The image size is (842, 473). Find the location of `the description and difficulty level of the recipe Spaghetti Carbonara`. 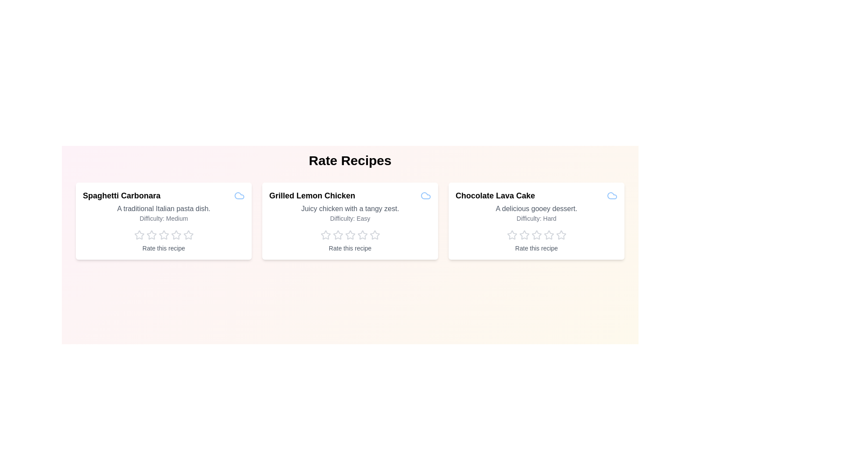

the description and difficulty level of the recipe Spaghetti Carbonara is located at coordinates (164, 209).